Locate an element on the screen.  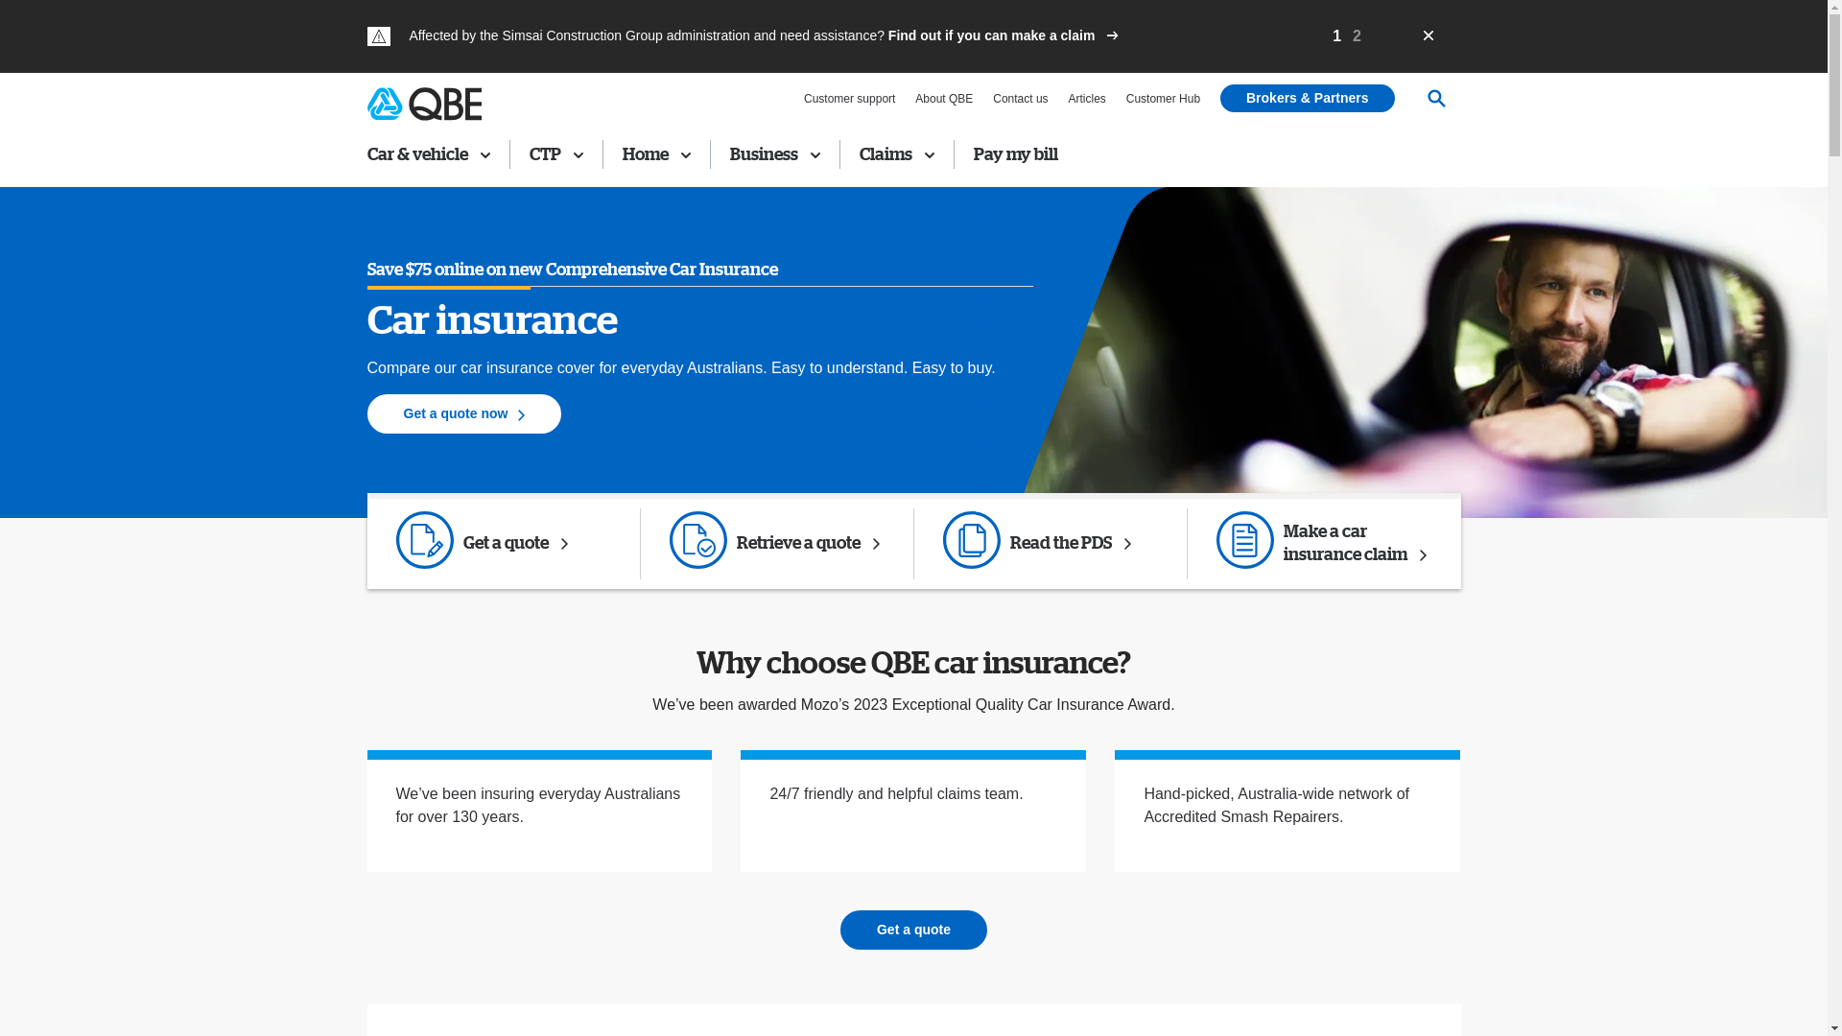
'Get a quote Created with Sketch. is located at coordinates (394, 544).